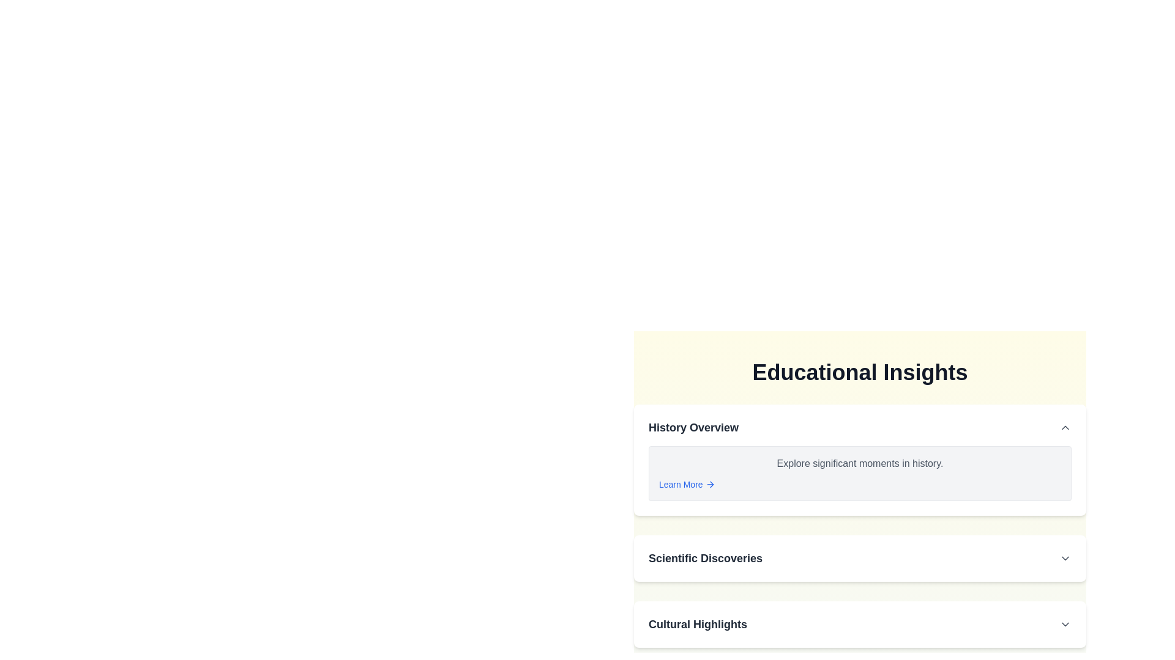 Image resolution: width=1175 pixels, height=660 pixels. What do you see at coordinates (859, 372) in the screenshot?
I see `the text label displaying 'Educational Insights', which is a large, bold header styled in black and centered at the top of the interface` at bounding box center [859, 372].